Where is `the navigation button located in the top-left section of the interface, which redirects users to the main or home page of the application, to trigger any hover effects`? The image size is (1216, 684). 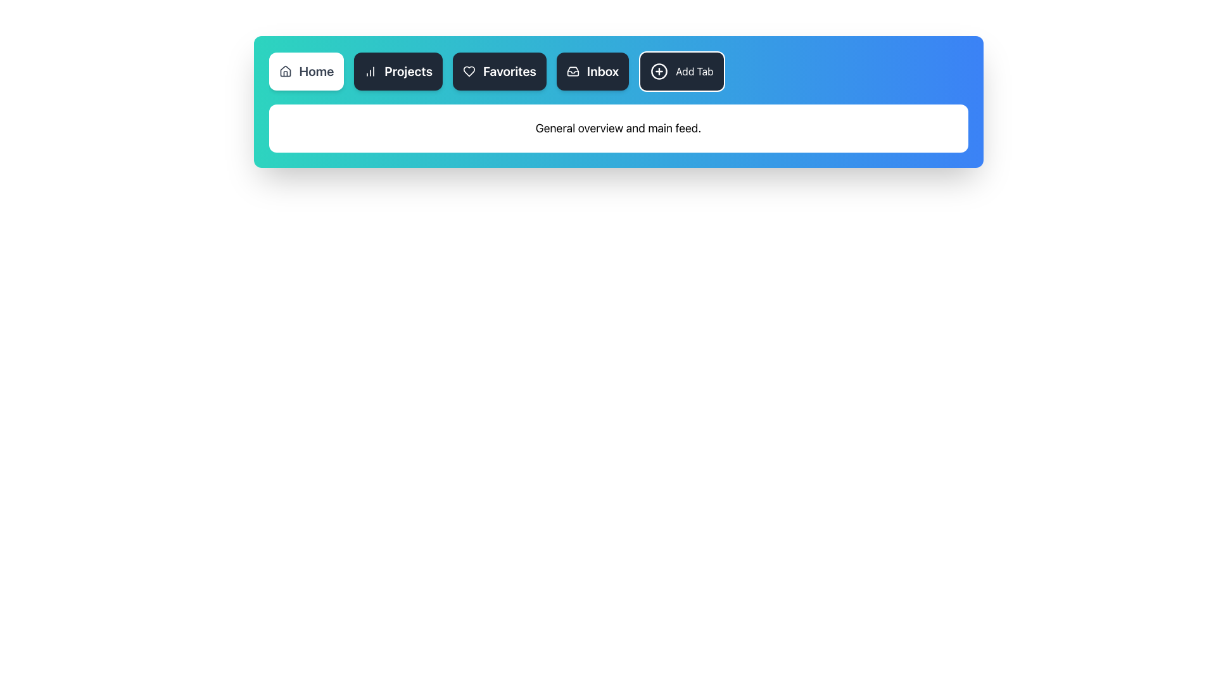 the navigation button located in the top-left section of the interface, which redirects users to the main or home page of the application, to trigger any hover effects is located at coordinates (306, 71).